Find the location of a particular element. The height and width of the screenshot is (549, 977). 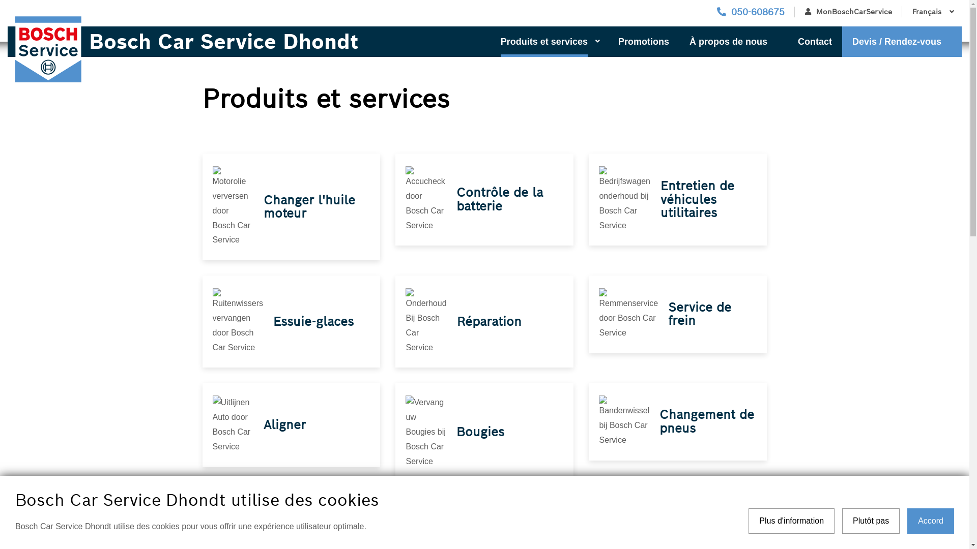

'Changer l'huile moteur' is located at coordinates (309, 206).